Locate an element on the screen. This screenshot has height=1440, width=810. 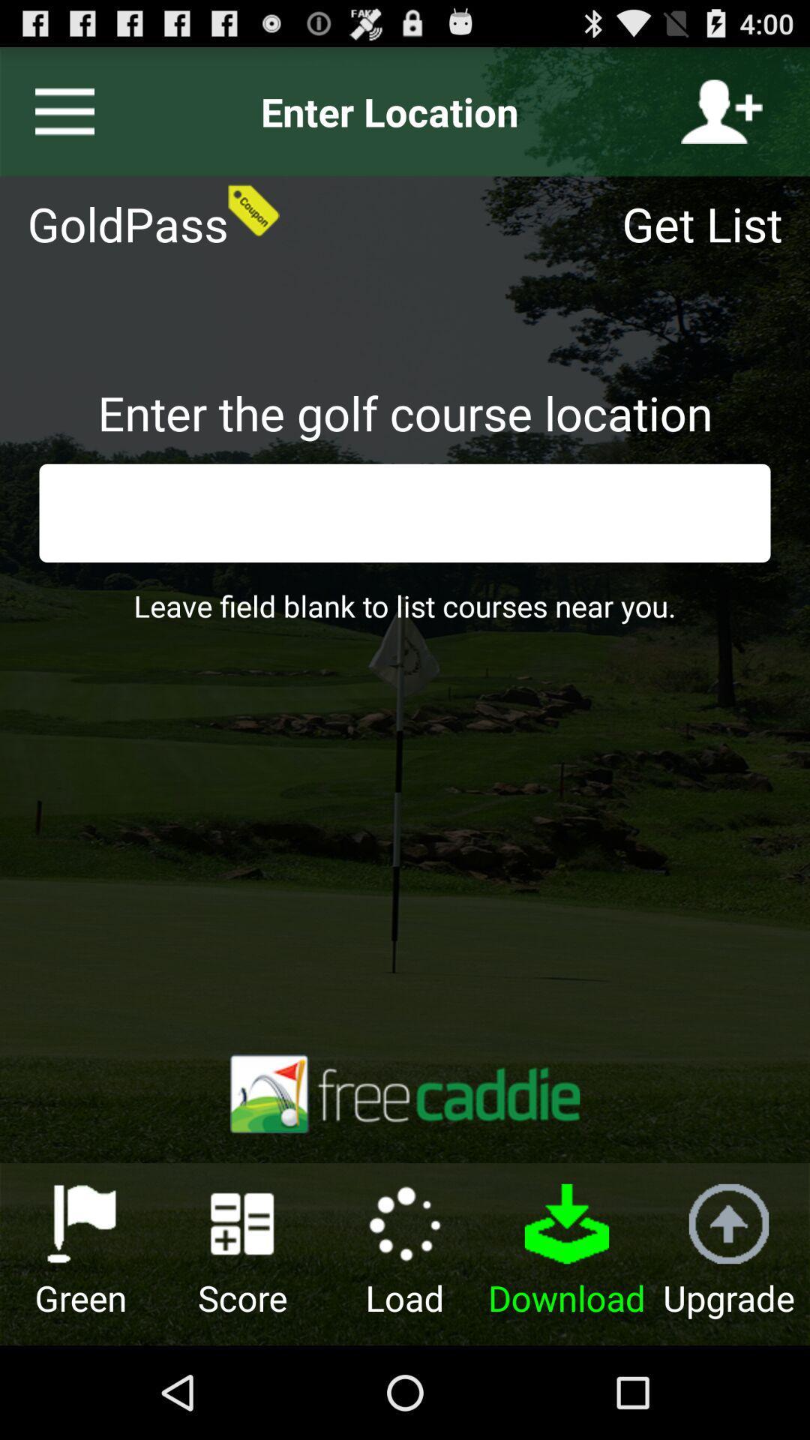
app to the right of the enter location item is located at coordinates (721, 111).